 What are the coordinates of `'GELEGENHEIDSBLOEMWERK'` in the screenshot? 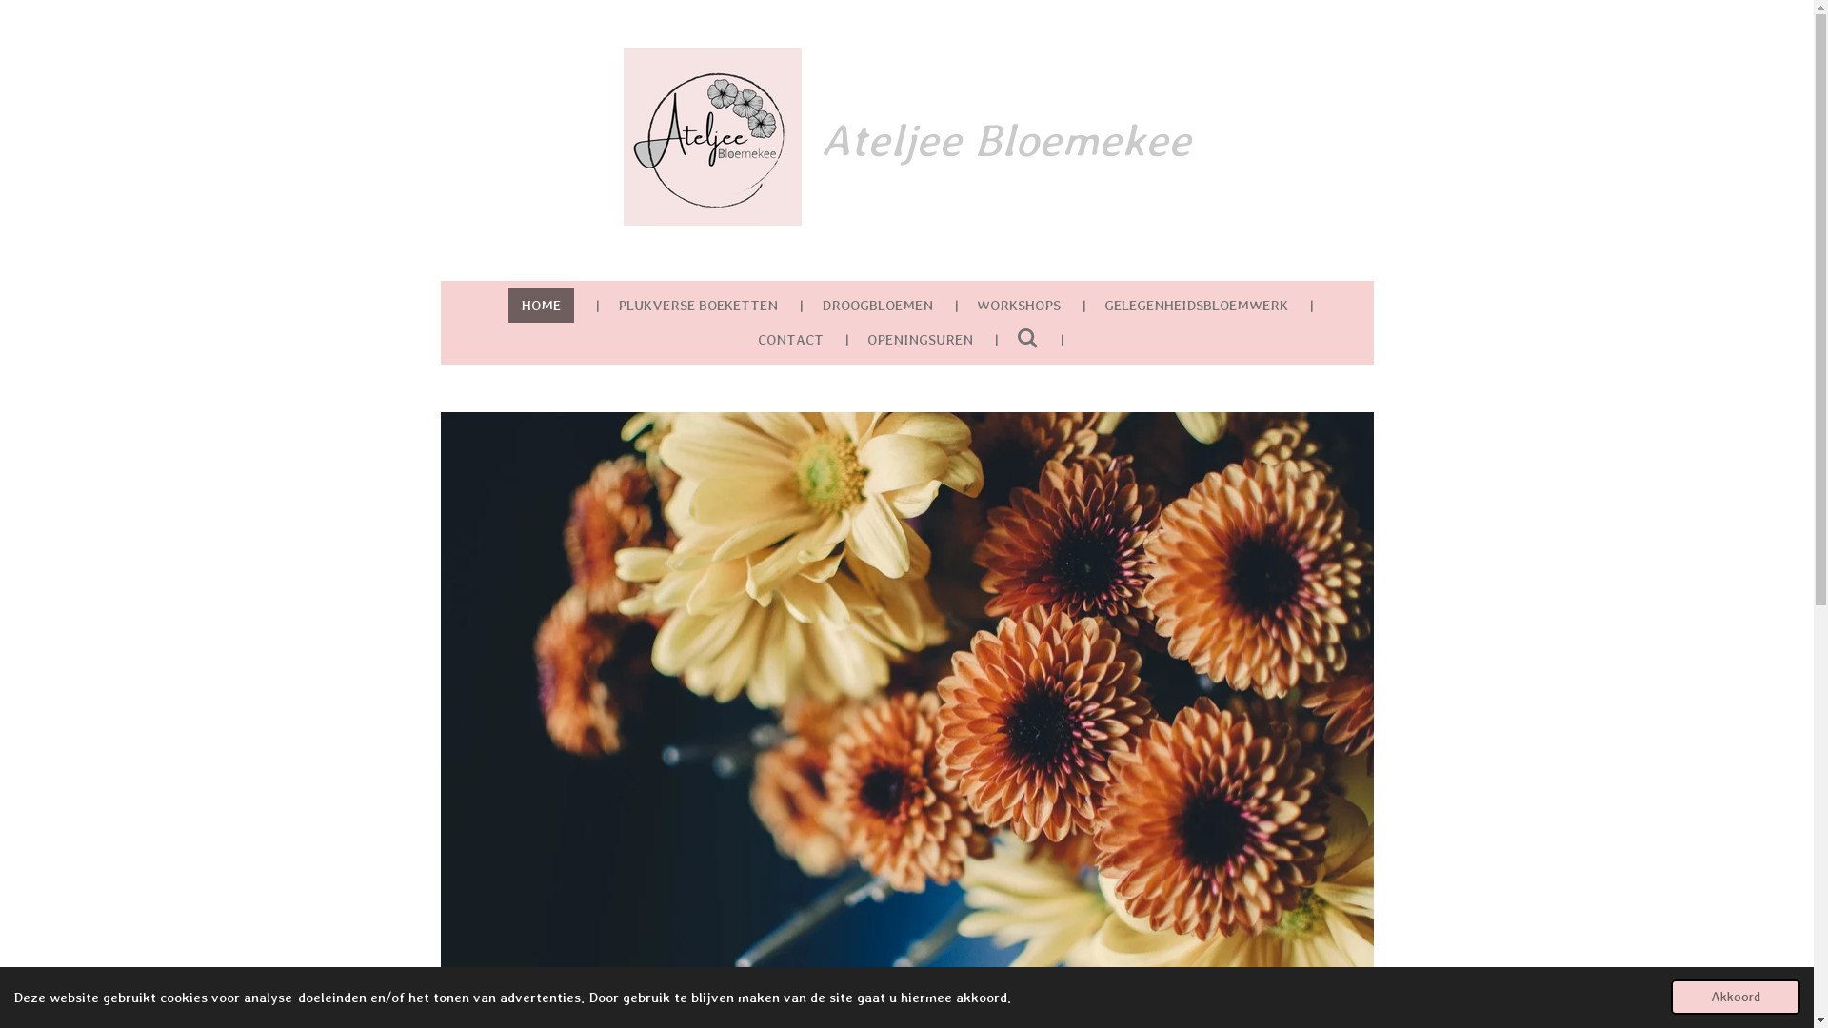 It's located at (1091, 304).